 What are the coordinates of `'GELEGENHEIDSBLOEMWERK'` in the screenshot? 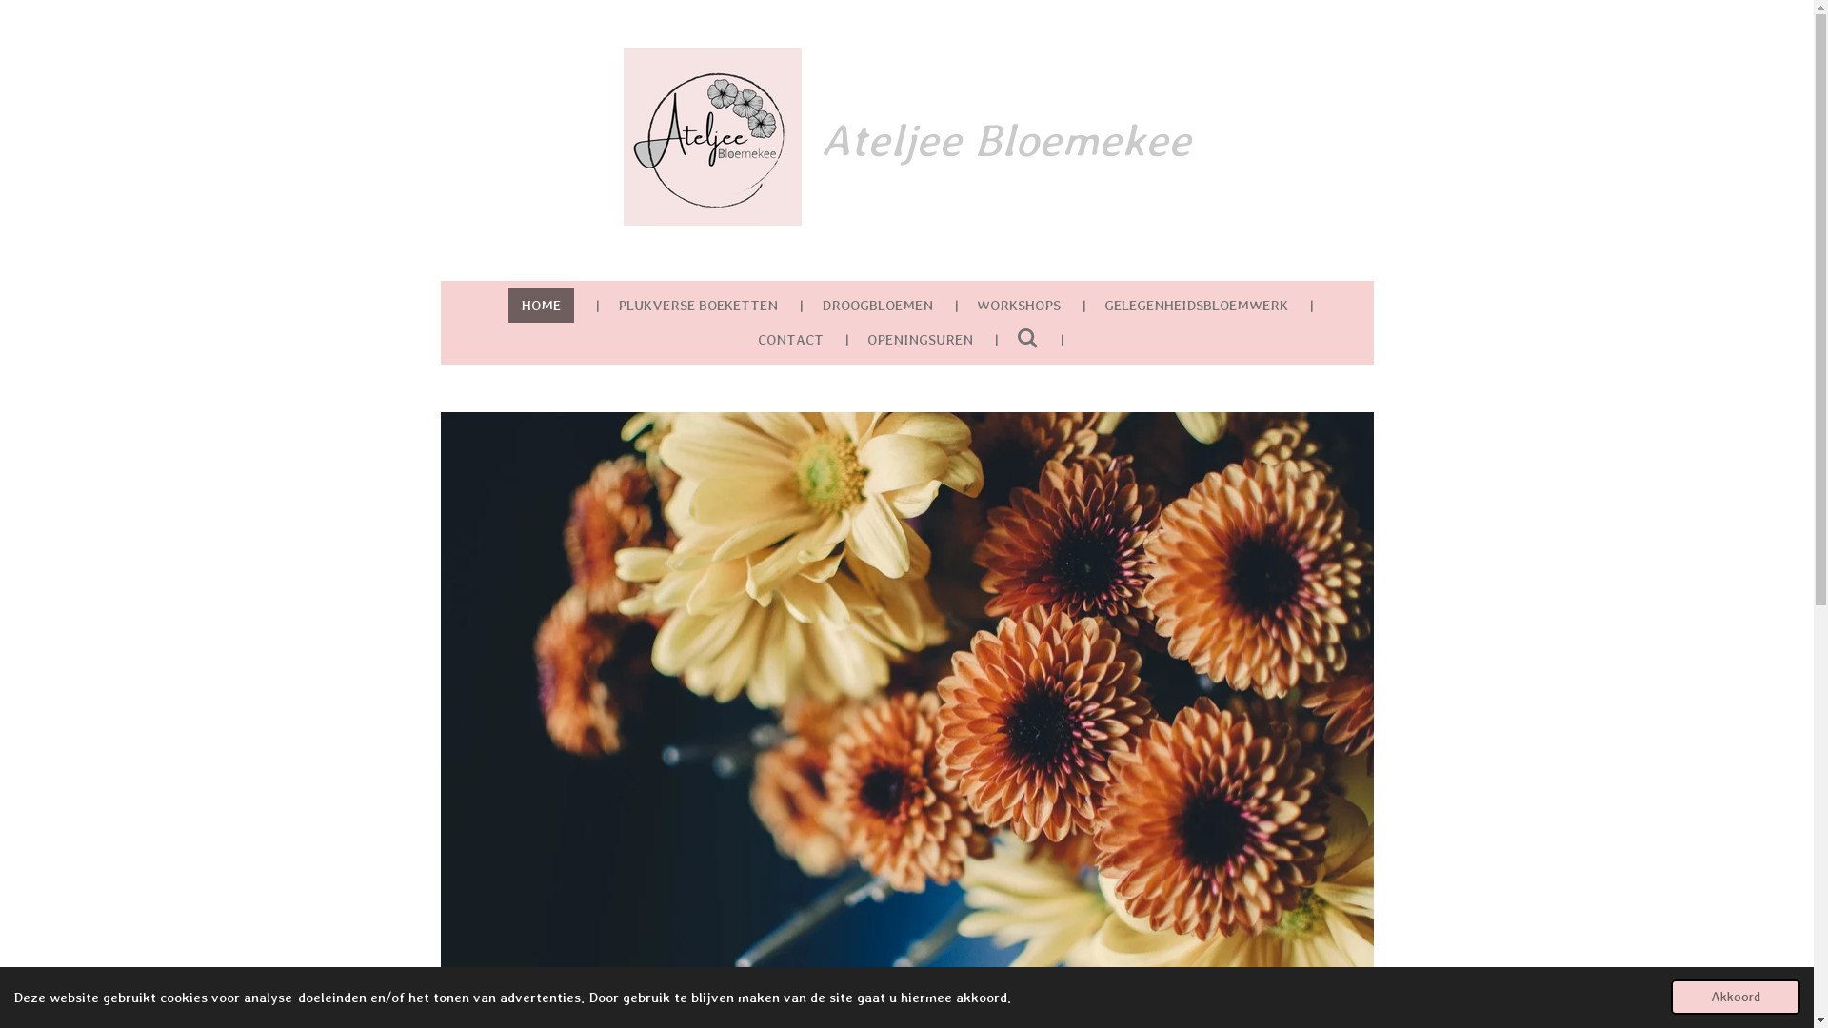 It's located at (1091, 304).